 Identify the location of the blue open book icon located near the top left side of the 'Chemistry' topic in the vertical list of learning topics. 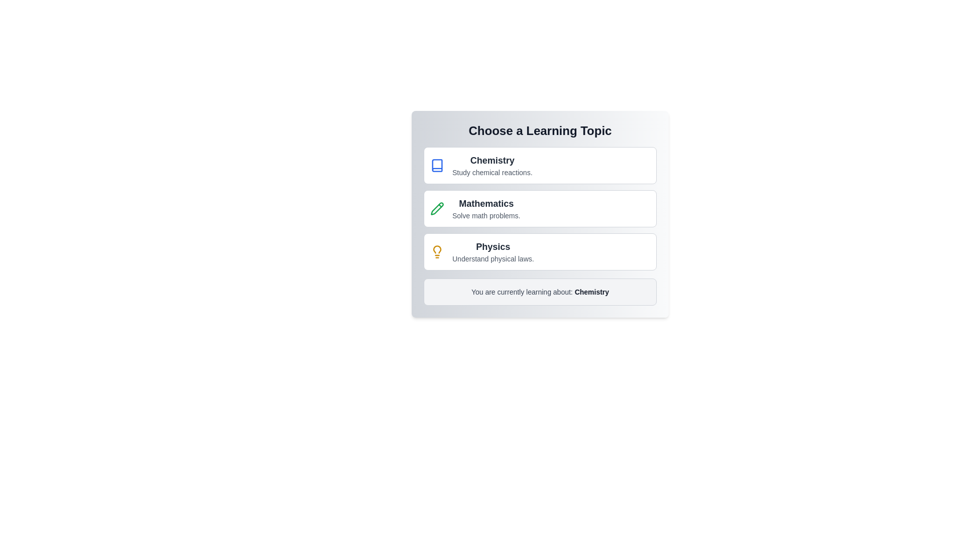
(437, 165).